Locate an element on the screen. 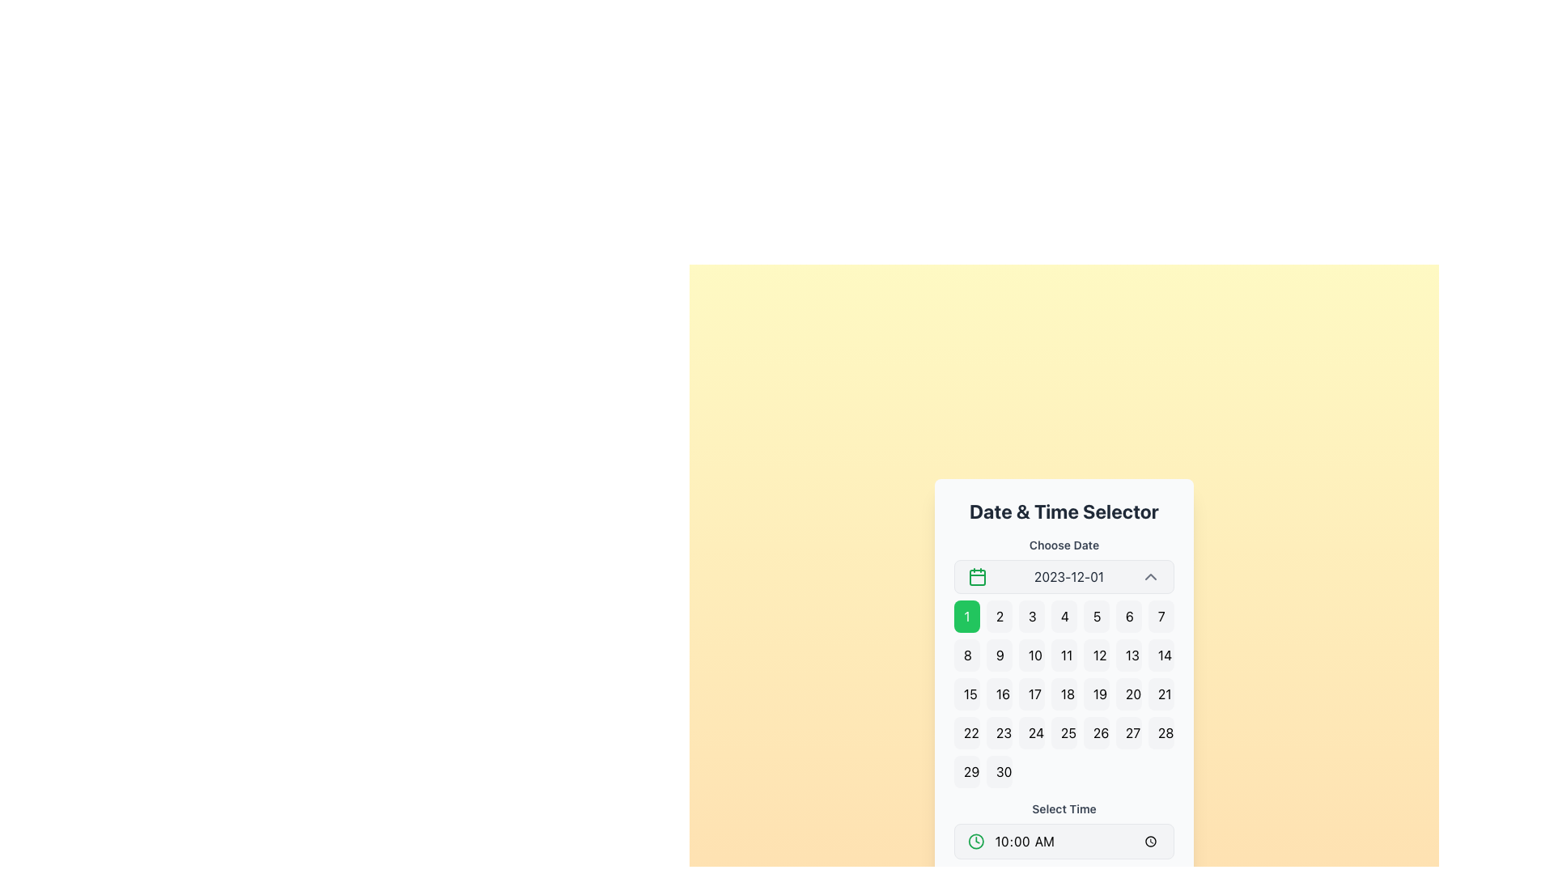  the selectable day button for the date '28' in the calendar interface is located at coordinates (1161, 733).